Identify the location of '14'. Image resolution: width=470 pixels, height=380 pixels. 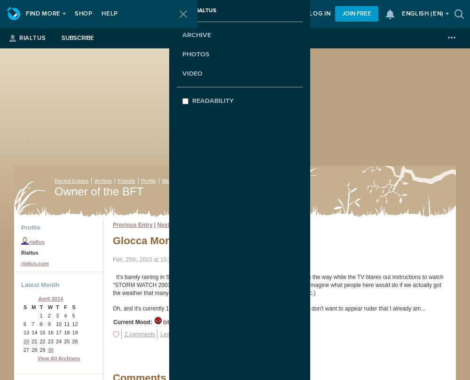
(34, 332).